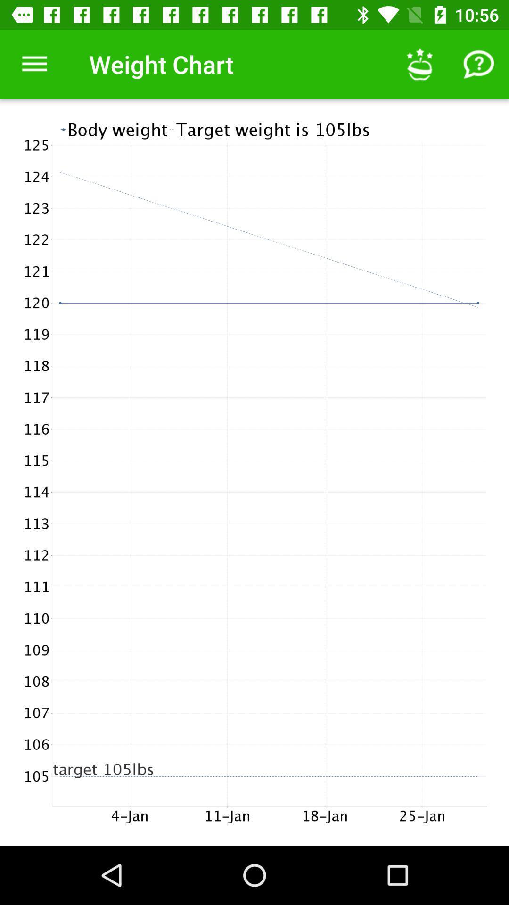 The height and width of the screenshot is (905, 509). I want to click on the icon next to the weight chart icon, so click(419, 64).